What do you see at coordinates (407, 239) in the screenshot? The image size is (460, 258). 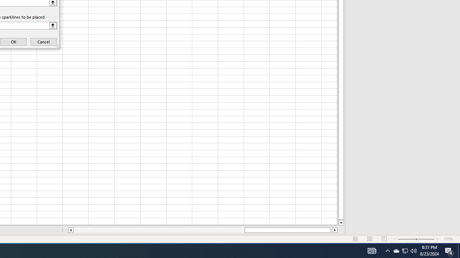 I see `'Zoom Out'` at bounding box center [407, 239].